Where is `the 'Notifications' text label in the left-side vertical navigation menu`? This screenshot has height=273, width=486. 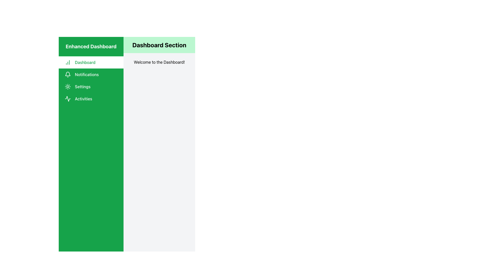
the 'Notifications' text label in the left-side vertical navigation menu is located at coordinates (87, 74).